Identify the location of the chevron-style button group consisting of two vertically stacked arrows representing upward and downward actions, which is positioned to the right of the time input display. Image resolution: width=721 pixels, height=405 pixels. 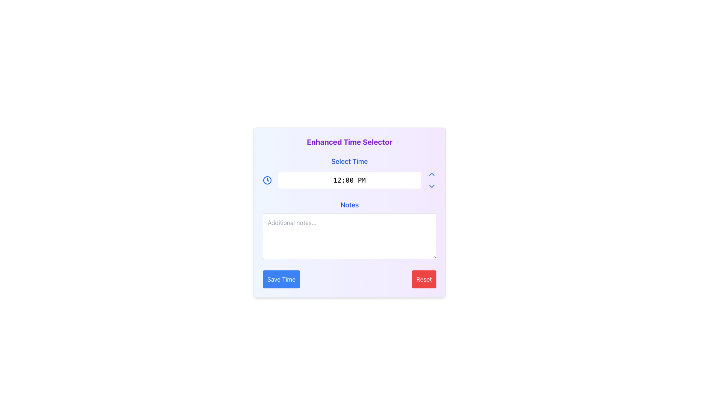
(432, 180).